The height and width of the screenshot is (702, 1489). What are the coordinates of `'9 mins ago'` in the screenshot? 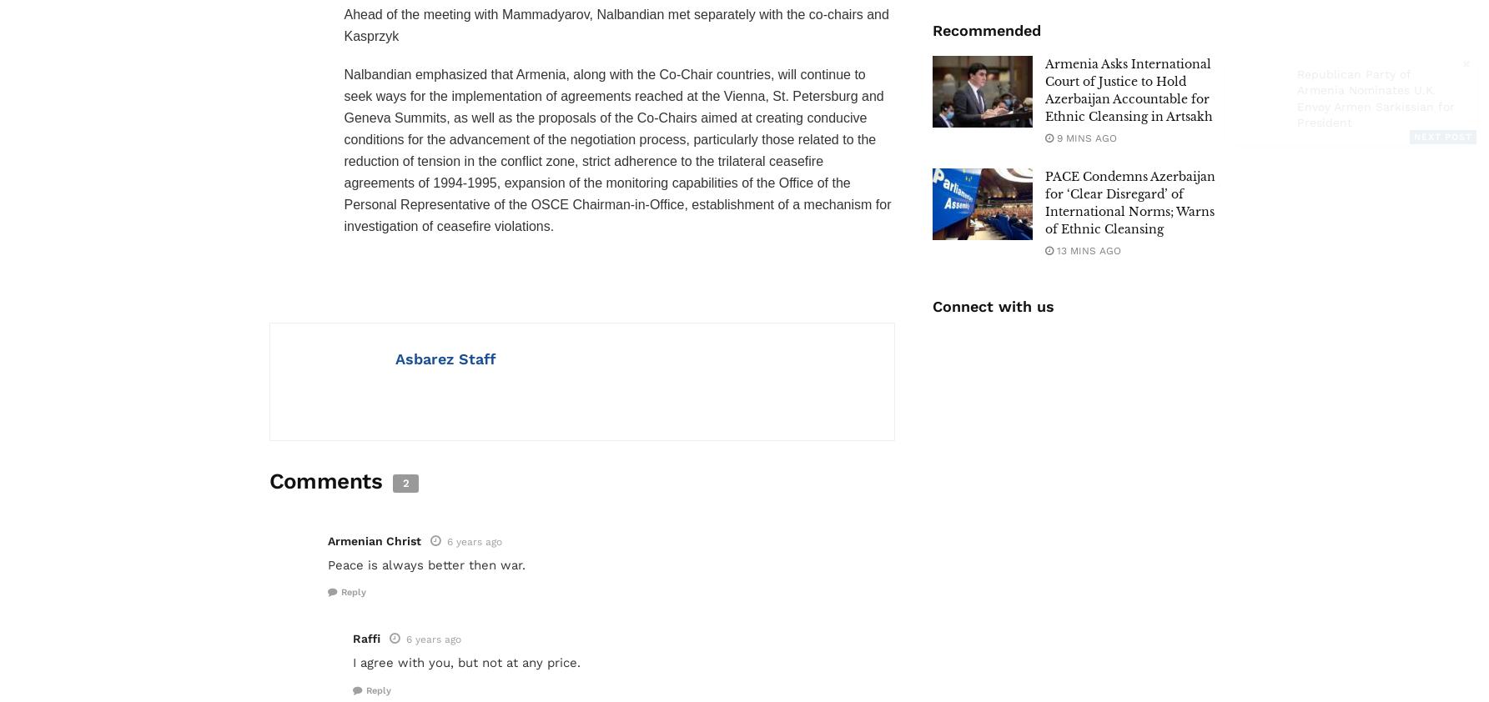 It's located at (1084, 137).